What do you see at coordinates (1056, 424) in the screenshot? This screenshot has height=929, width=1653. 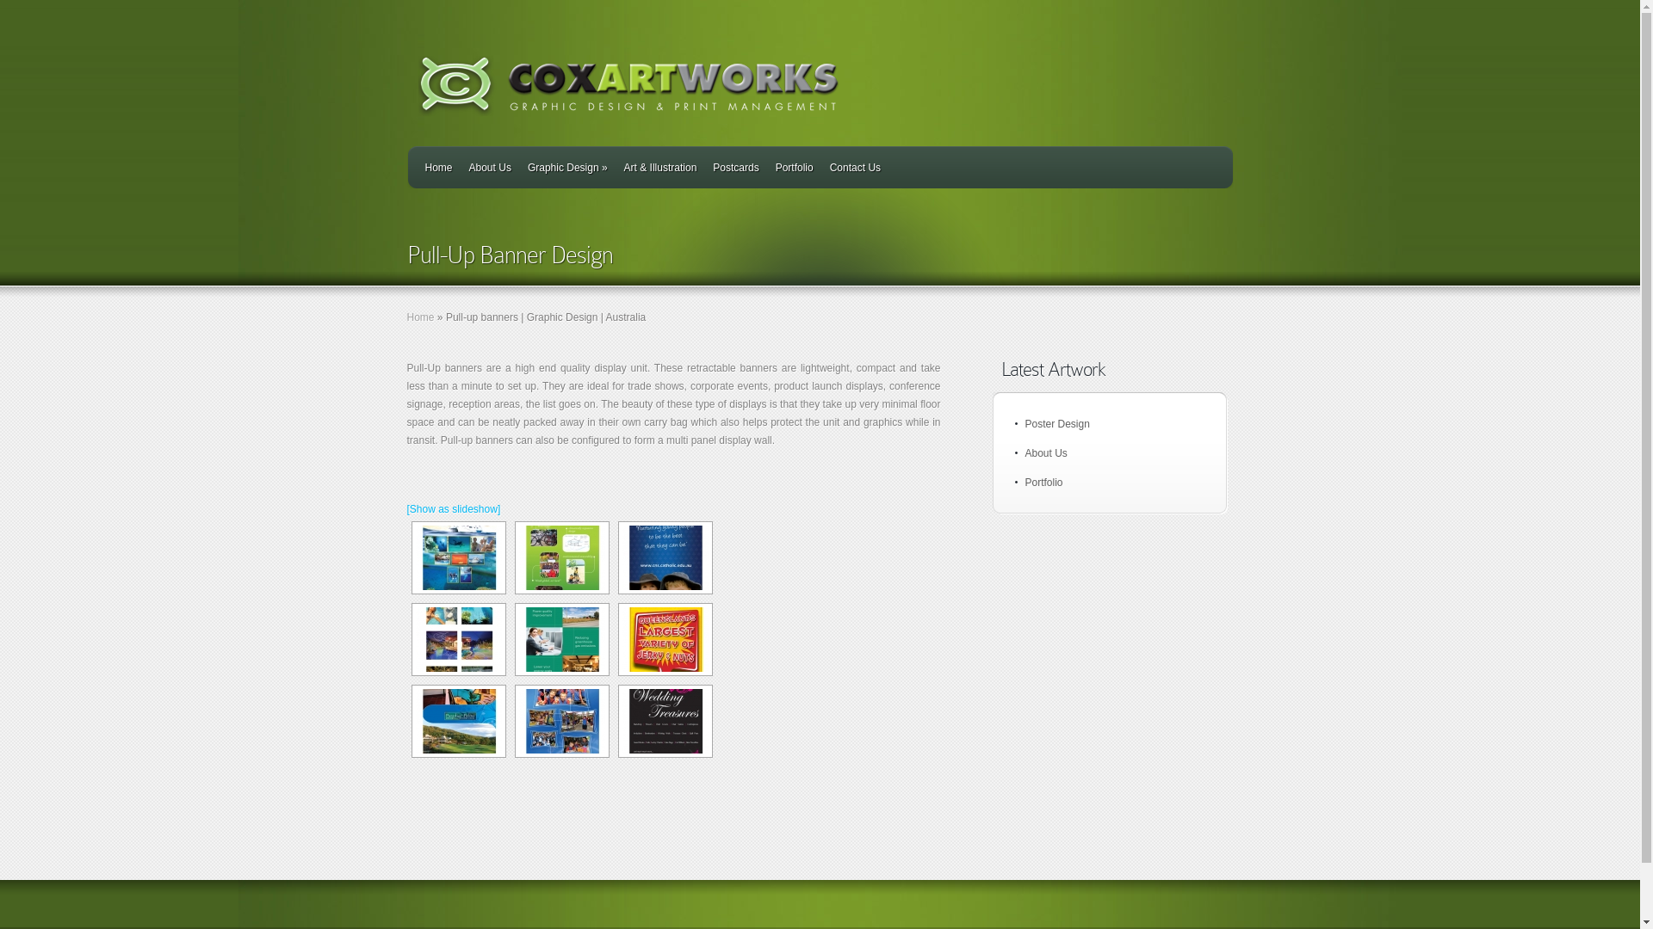 I see `'Poster Design'` at bounding box center [1056, 424].